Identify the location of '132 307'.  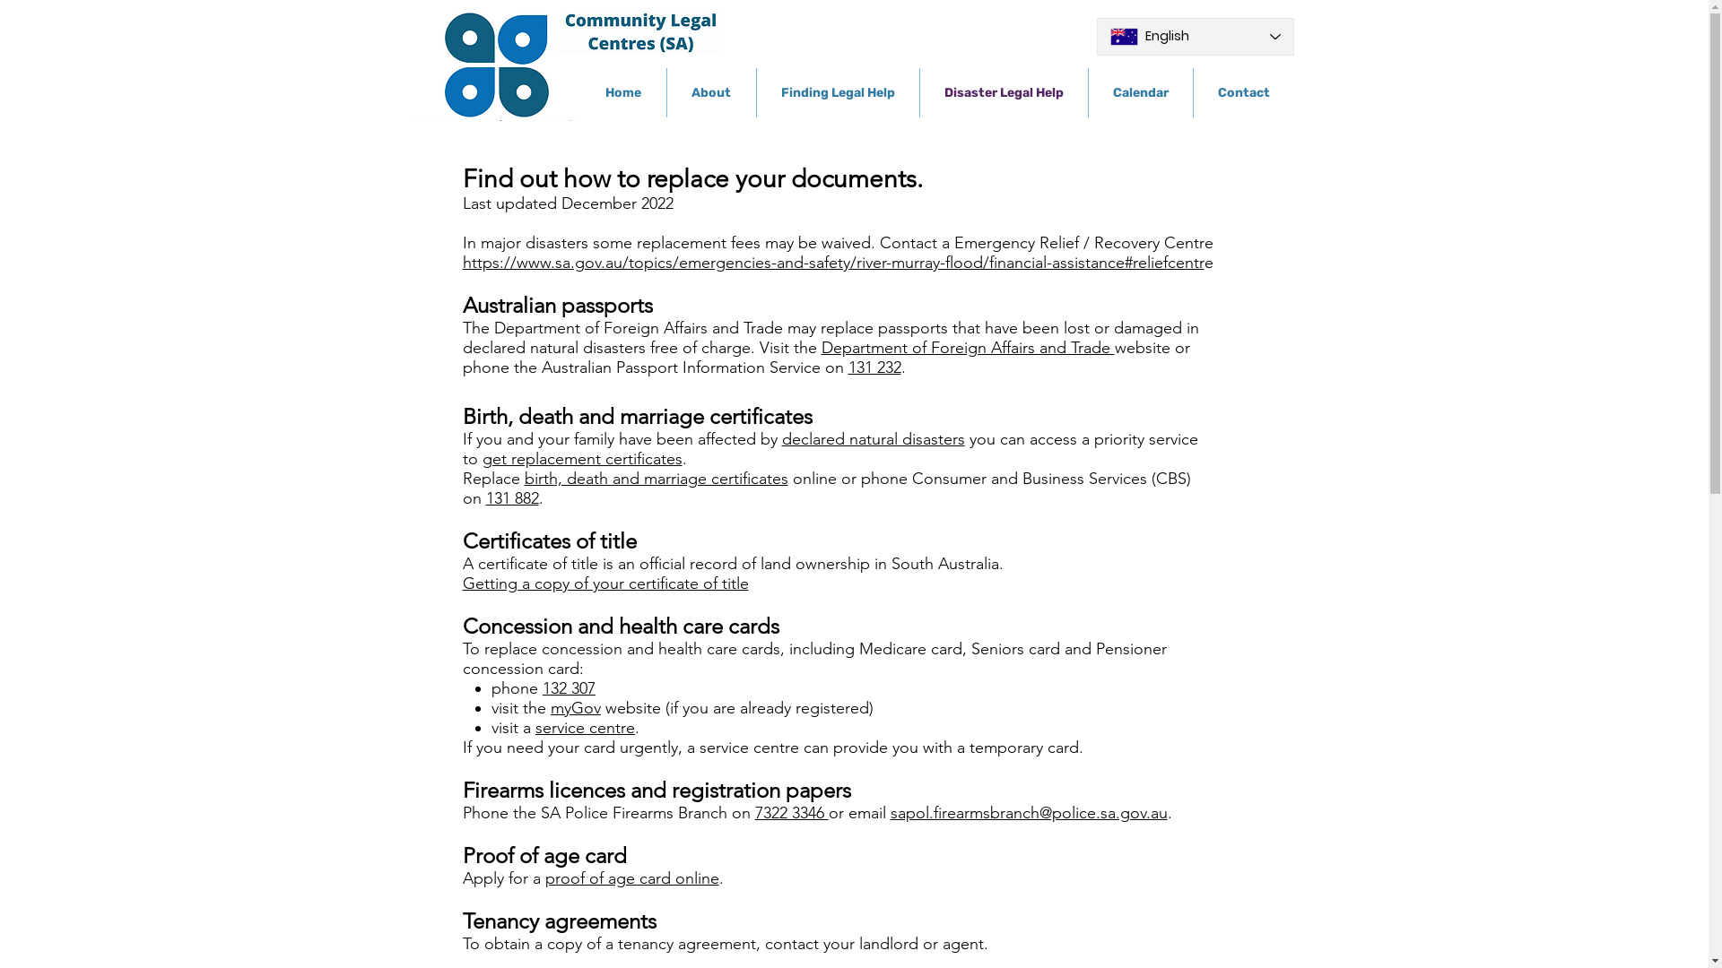
(568, 687).